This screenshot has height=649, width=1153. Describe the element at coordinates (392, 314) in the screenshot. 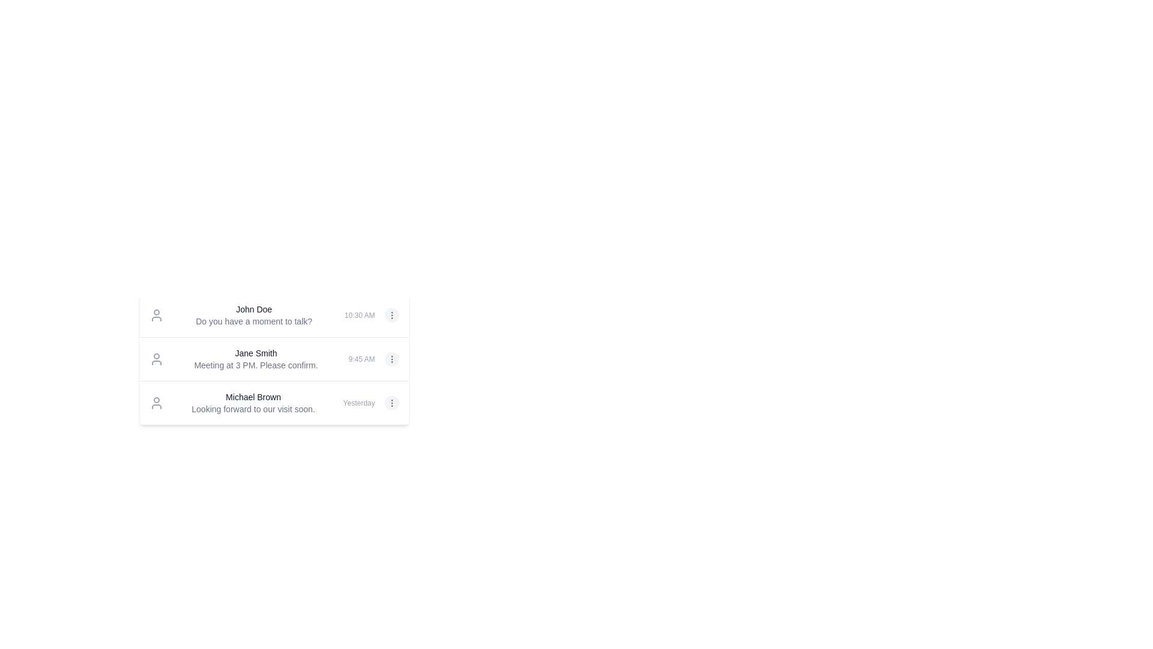

I see `the options menu icon button located at the far-right side of the message preview for 'John Doe', next to the timestamp '10:30 AM', to visualize the hover effect` at that location.